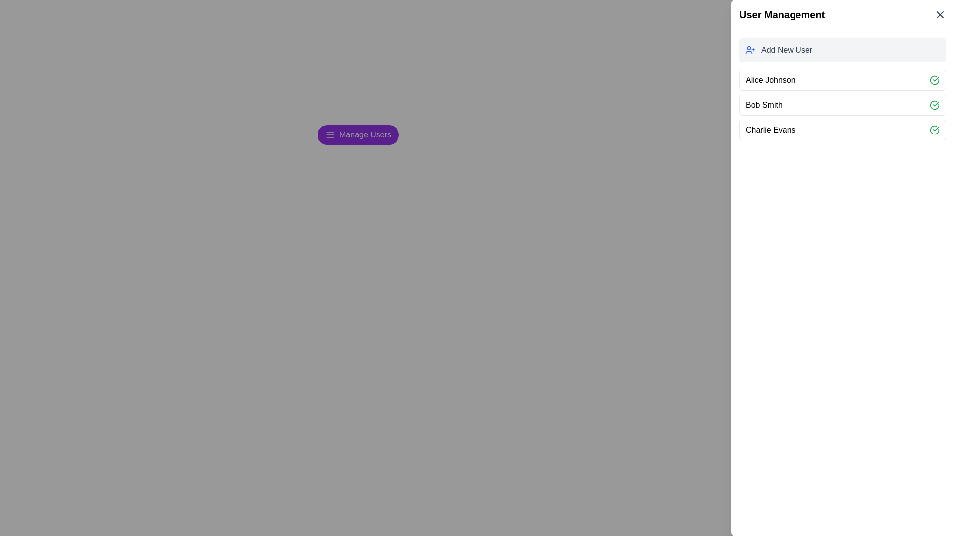 This screenshot has width=954, height=536. I want to click on the circular icon with a check mark associated with the 'Charlie Evans' user entry in the User Management panel, so click(934, 105).